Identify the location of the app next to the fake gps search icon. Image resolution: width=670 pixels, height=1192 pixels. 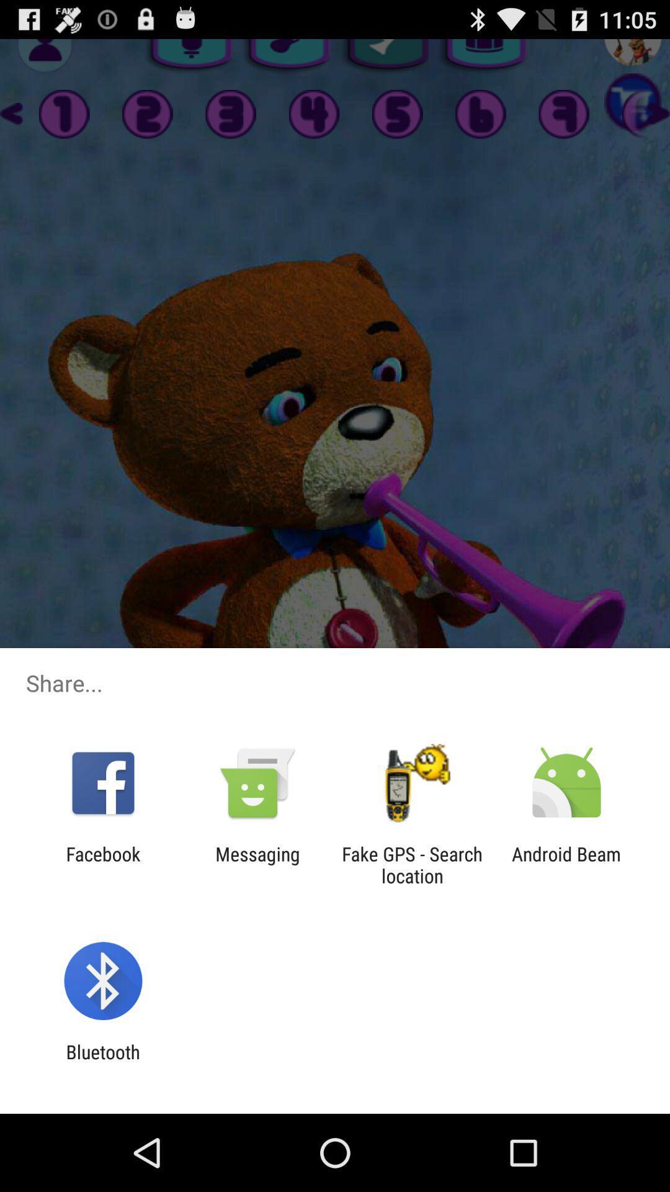
(566, 864).